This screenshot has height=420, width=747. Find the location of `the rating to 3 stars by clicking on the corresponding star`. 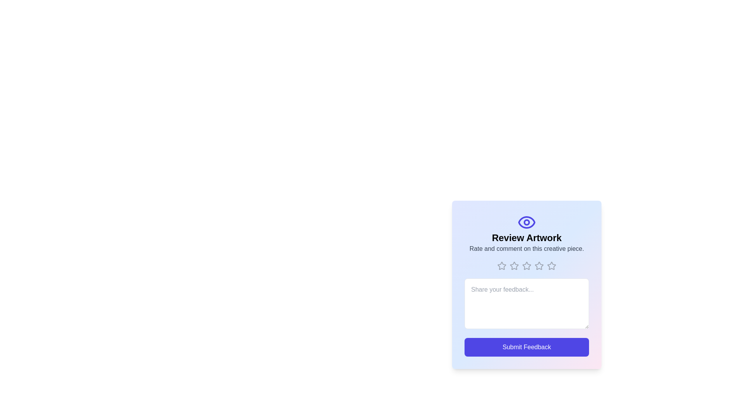

the rating to 3 stars by clicking on the corresponding star is located at coordinates (526, 265).